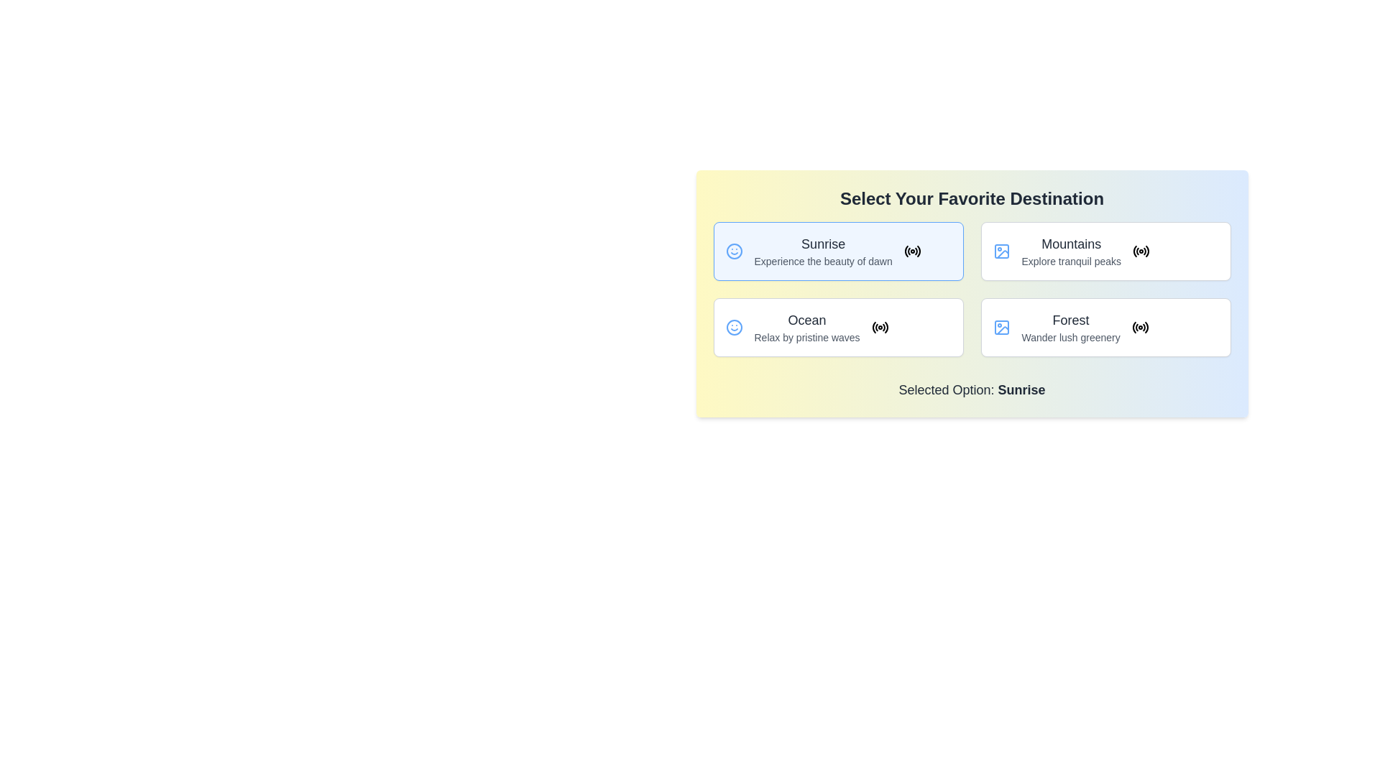  What do you see at coordinates (1000, 251) in the screenshot?
I see `the rectangle with rounded corners that serves as the background of the icon in the 'Mountains' option box` at bounding box center [1000, 251].